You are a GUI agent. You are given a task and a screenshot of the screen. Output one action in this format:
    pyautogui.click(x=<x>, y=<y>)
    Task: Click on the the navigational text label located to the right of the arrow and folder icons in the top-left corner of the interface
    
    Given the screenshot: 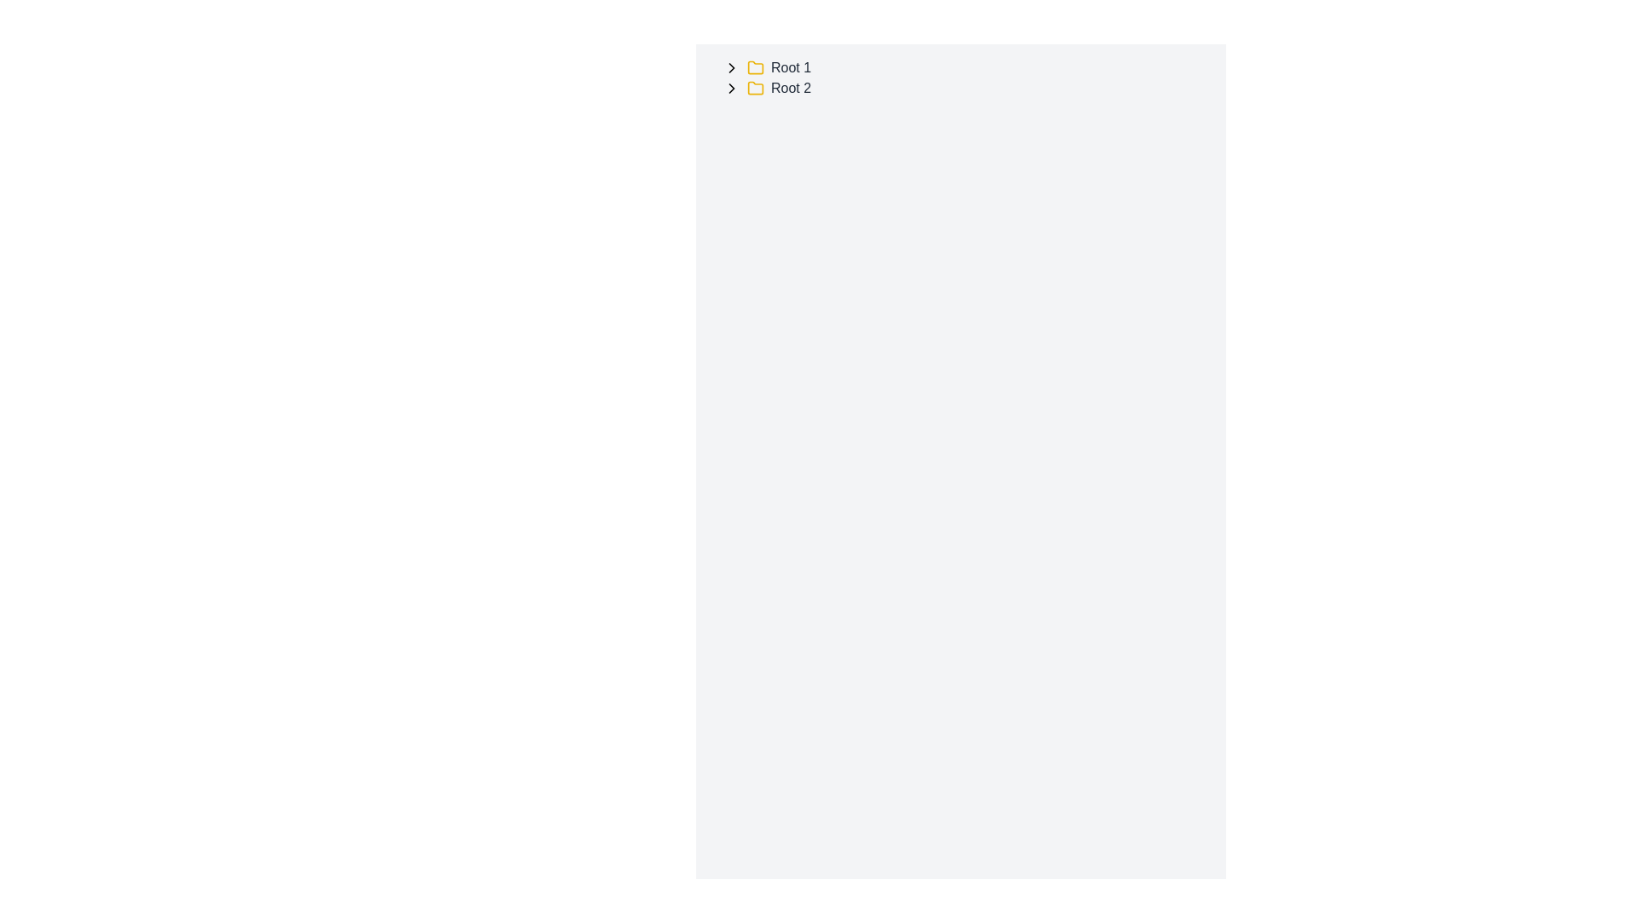 What is the action you would take?
    pyautogui.click(x=790, y=89)
    